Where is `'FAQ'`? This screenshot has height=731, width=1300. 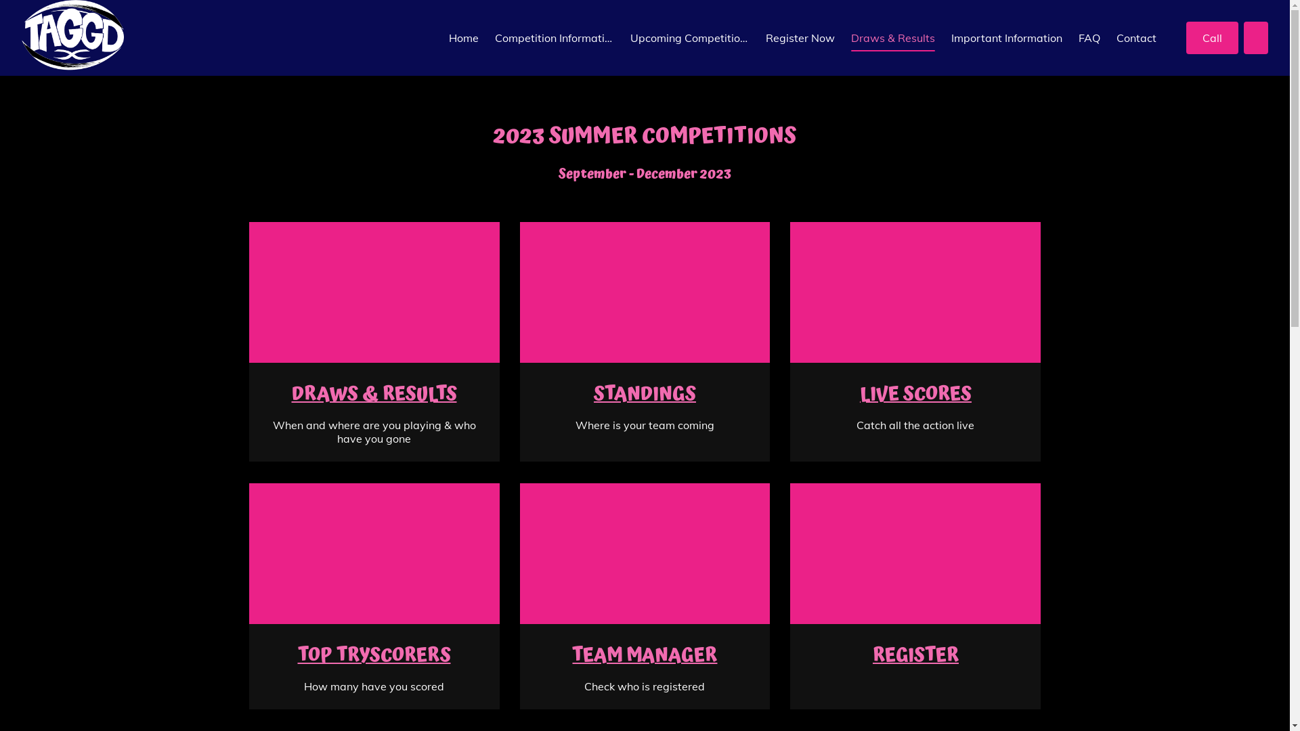 'FAQ' is located at coordinates (1069, 37).